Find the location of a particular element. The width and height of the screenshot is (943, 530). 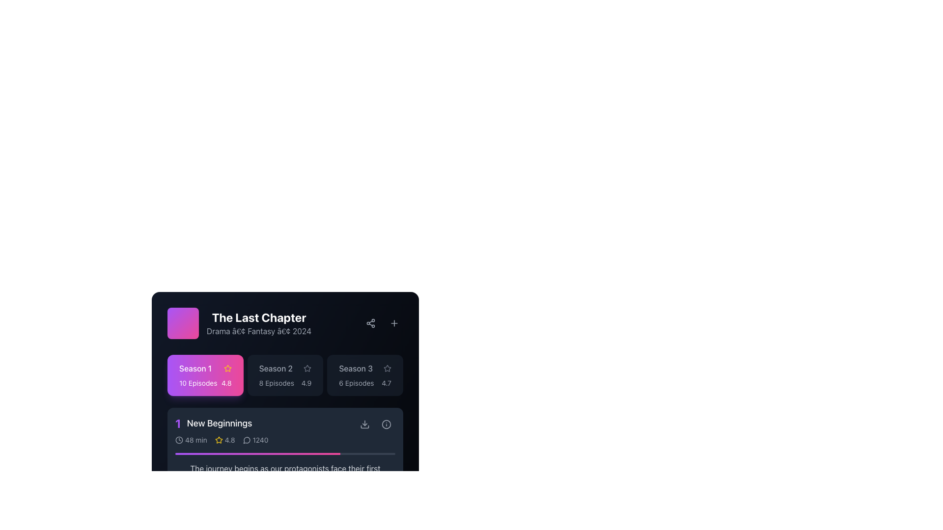

the text label that indicates the duration of the episode, which displays '48 min', located beneath the header '1 New Beginnings' and to the right of a clock-shaped icon is located at coordinates (196, 440).